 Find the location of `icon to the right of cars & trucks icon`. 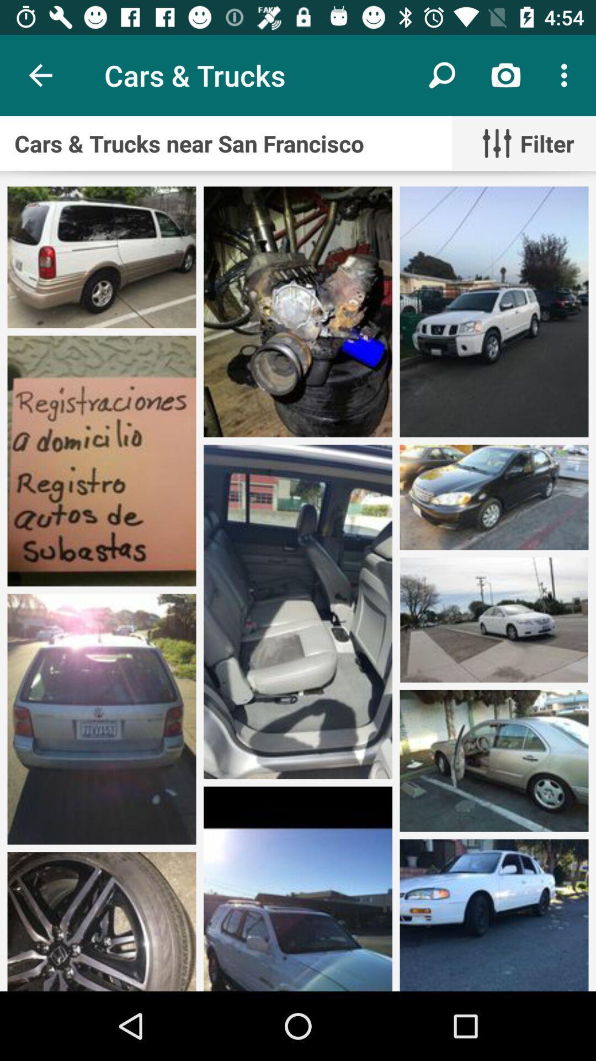

icon to the right of cars & trucks icon is located at coordinates (441, 75).